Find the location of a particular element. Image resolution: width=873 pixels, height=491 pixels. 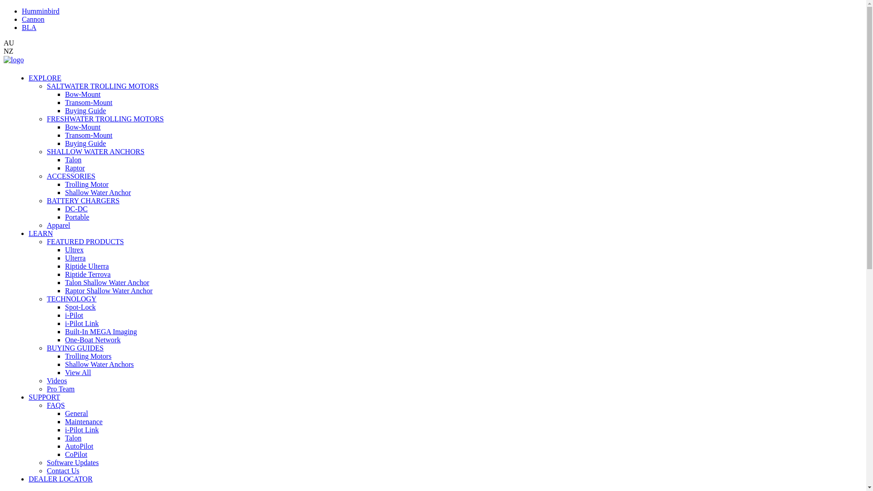

'BUYING GUIDES' is located at coordinates (75, 348).